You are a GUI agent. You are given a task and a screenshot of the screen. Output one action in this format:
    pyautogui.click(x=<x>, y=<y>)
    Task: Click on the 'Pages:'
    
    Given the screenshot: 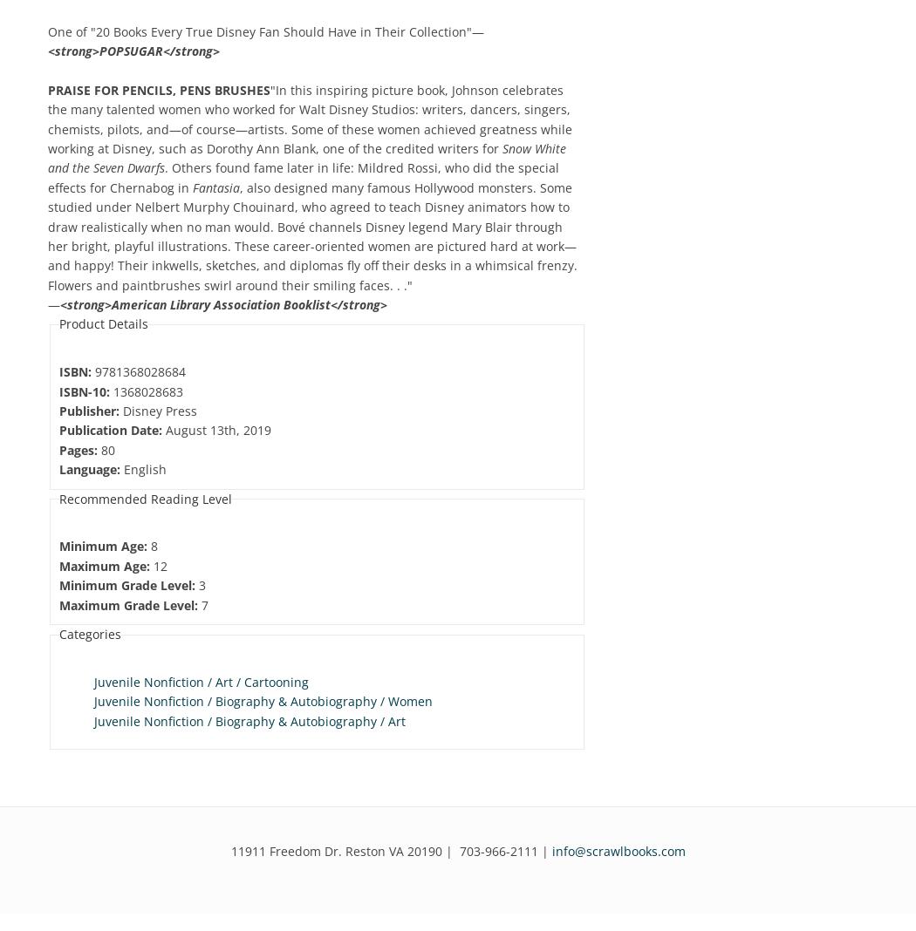 What is the action you would take?
    pyautogui.click(x=78, y=449)
    